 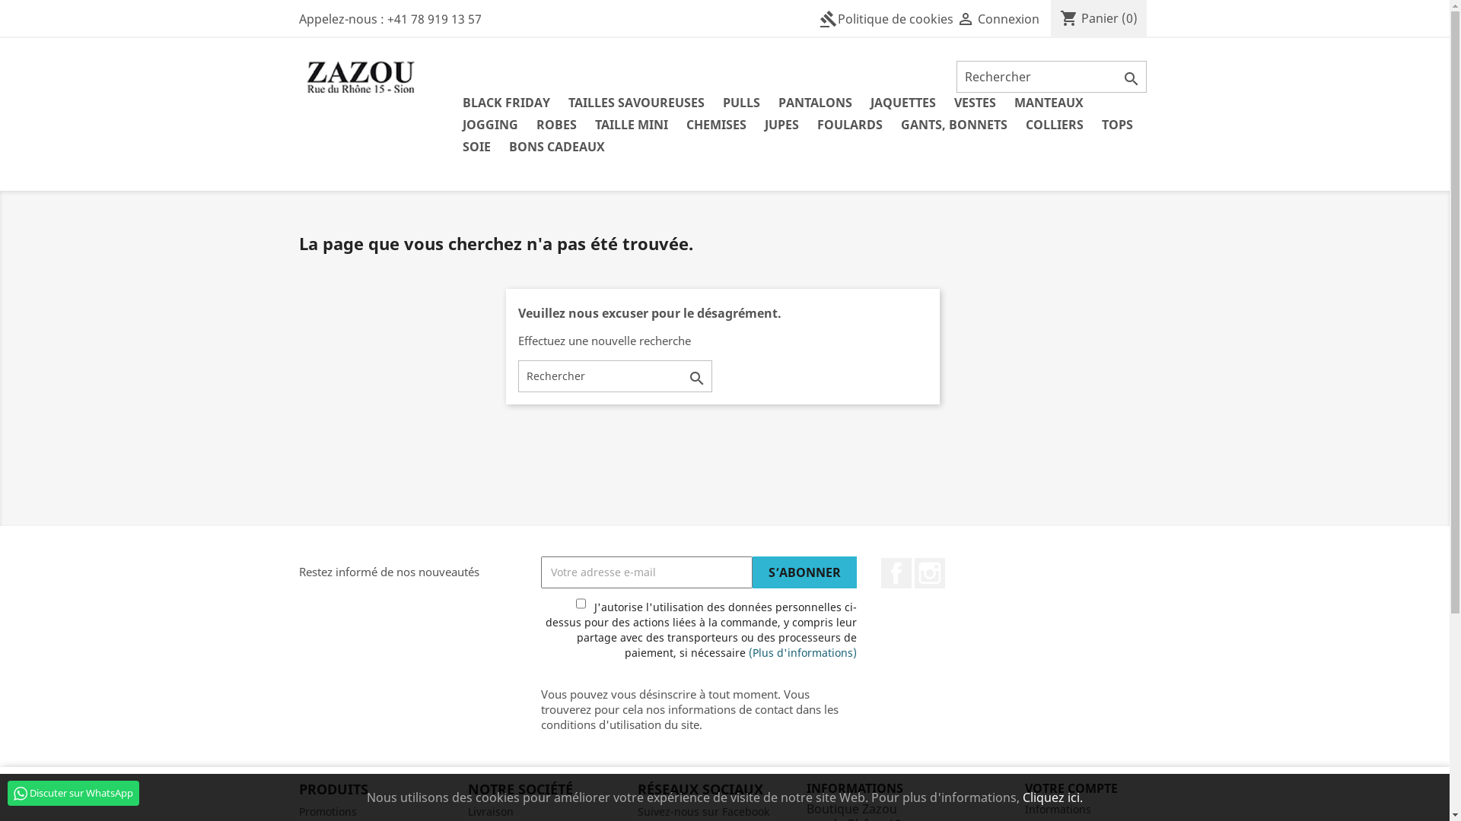 I want to click on 'VESTES', so click(x=975, y=103).